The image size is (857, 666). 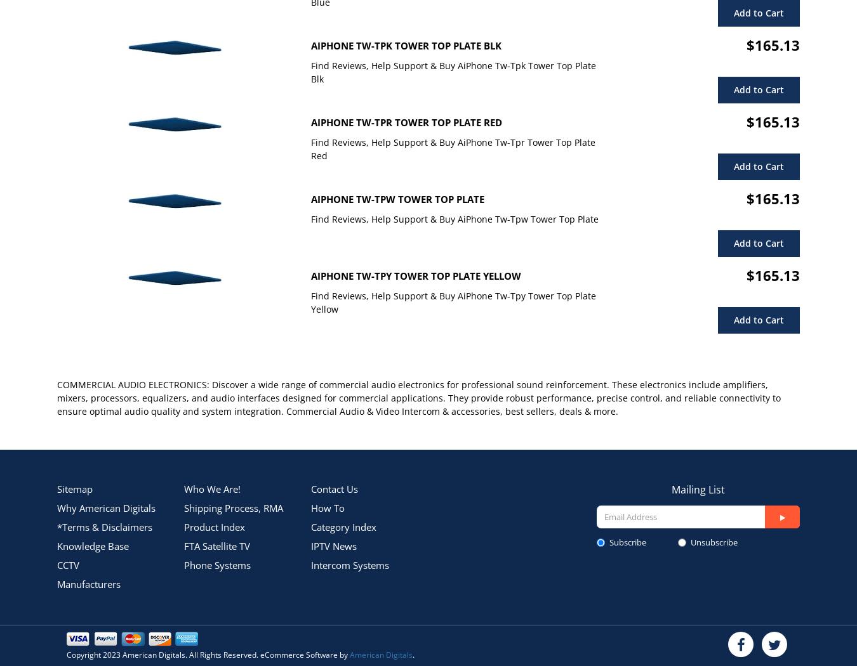 I want to click on 'Copyright', so click(x=84, y=654).